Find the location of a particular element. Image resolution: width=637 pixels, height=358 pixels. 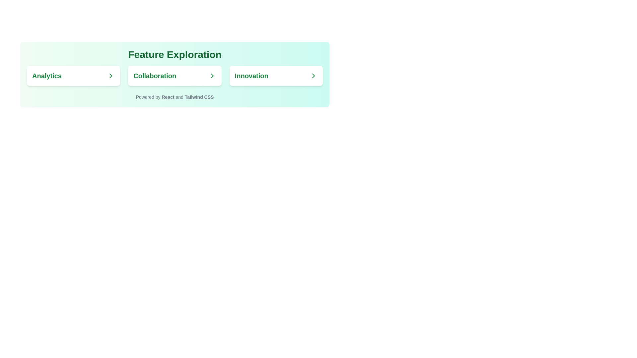

text label that says 'Tailwind CSS', which is the second bolded word in the sentence 'Powered by React and Tailwind CSS' is located at coordinates (199, 97).